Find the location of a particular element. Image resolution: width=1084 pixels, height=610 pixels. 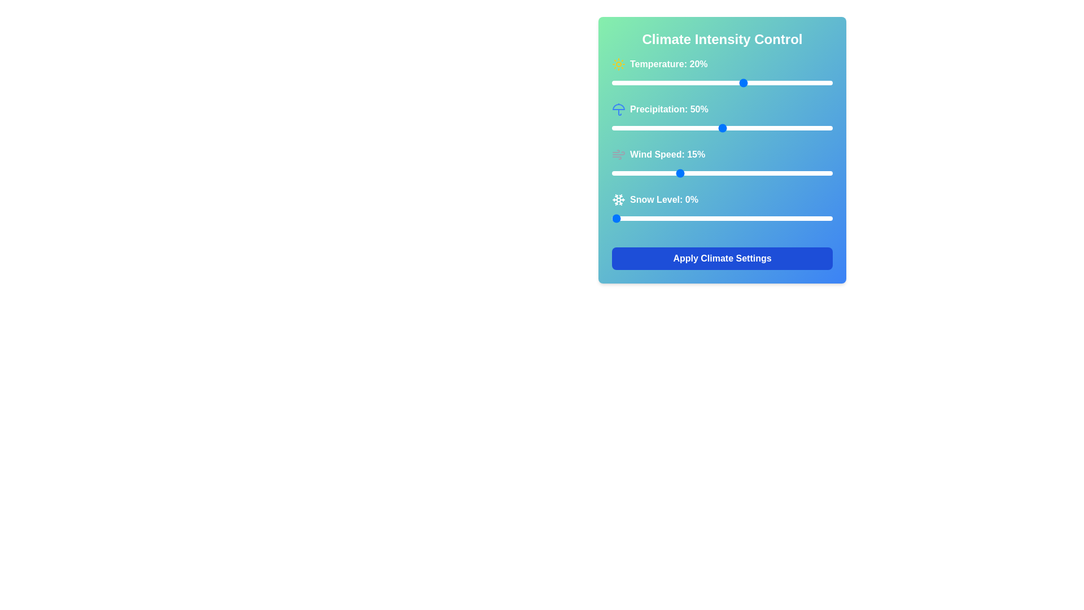

wind speed is located at coordinates (690, 173).